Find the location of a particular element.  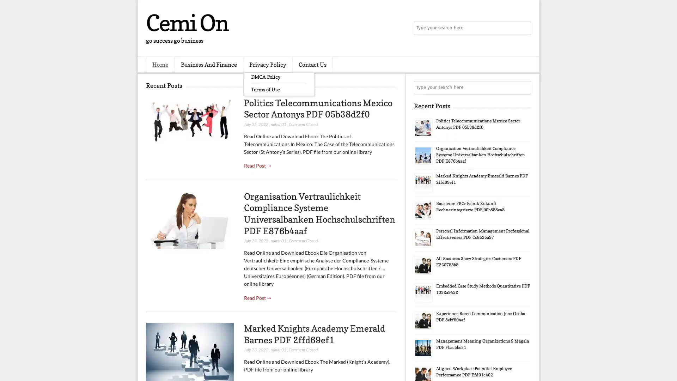

Search is located at coordinates (524, 28).